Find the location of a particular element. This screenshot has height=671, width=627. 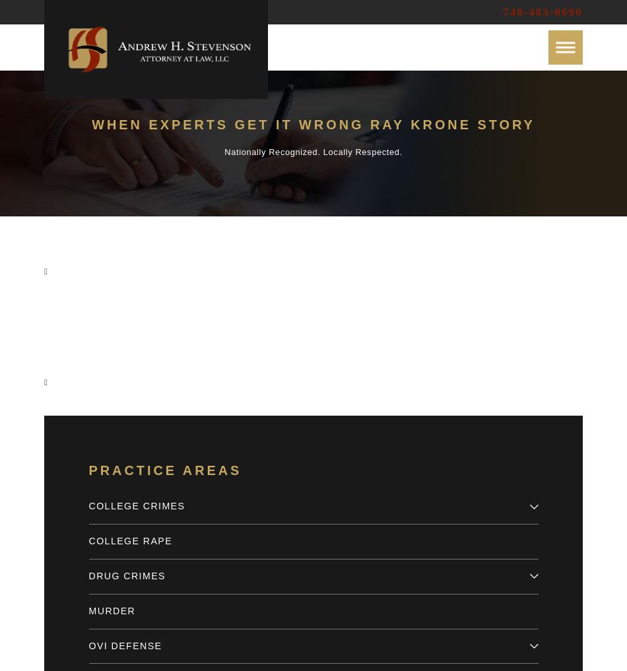

'My Wins' is located at coordinates (75, 186).